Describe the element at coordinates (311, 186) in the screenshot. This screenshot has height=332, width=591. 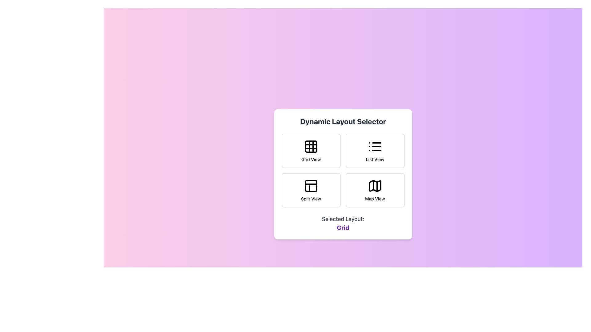
I see `the Icon Button in the second row, first column of the layout selector` at that location.